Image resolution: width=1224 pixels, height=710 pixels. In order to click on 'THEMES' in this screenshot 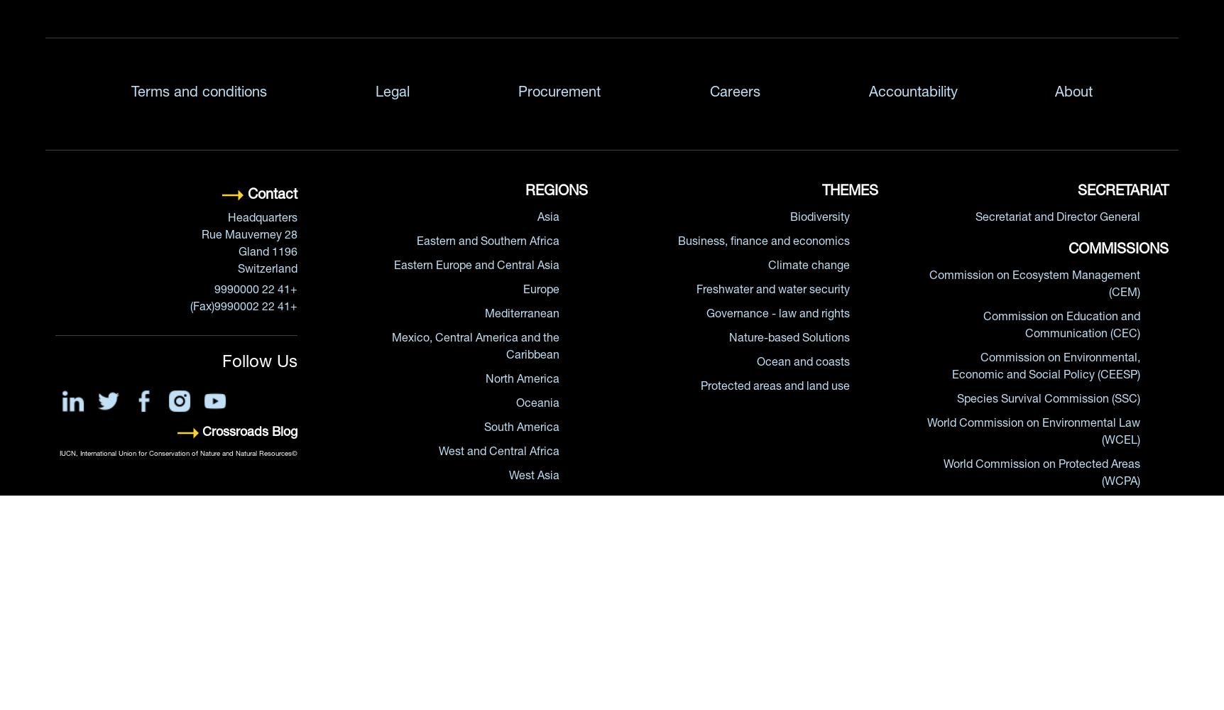, I will do `click(849, 192)`.